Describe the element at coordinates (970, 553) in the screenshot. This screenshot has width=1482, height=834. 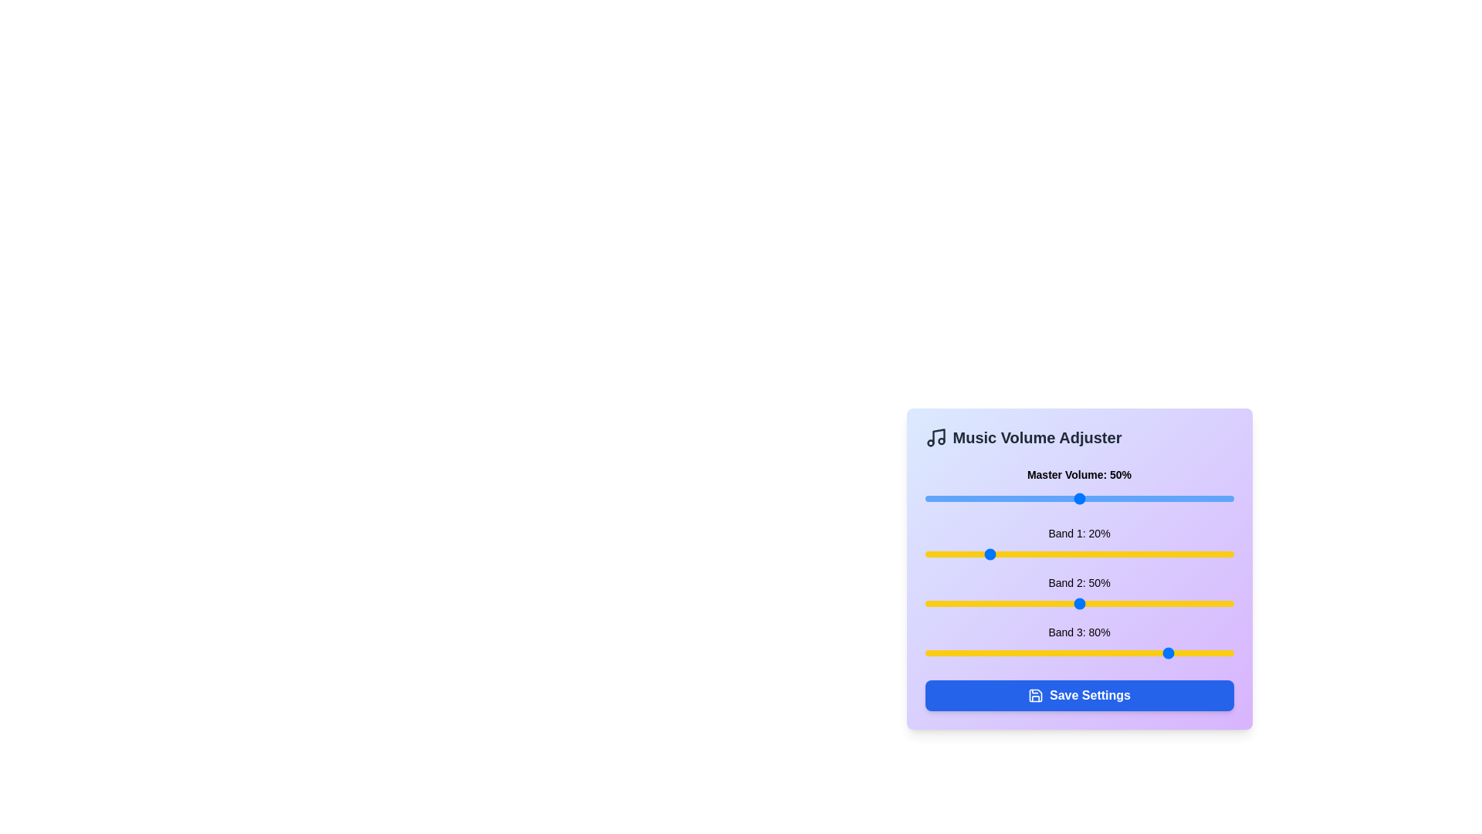
I see `Band 1` at that location.